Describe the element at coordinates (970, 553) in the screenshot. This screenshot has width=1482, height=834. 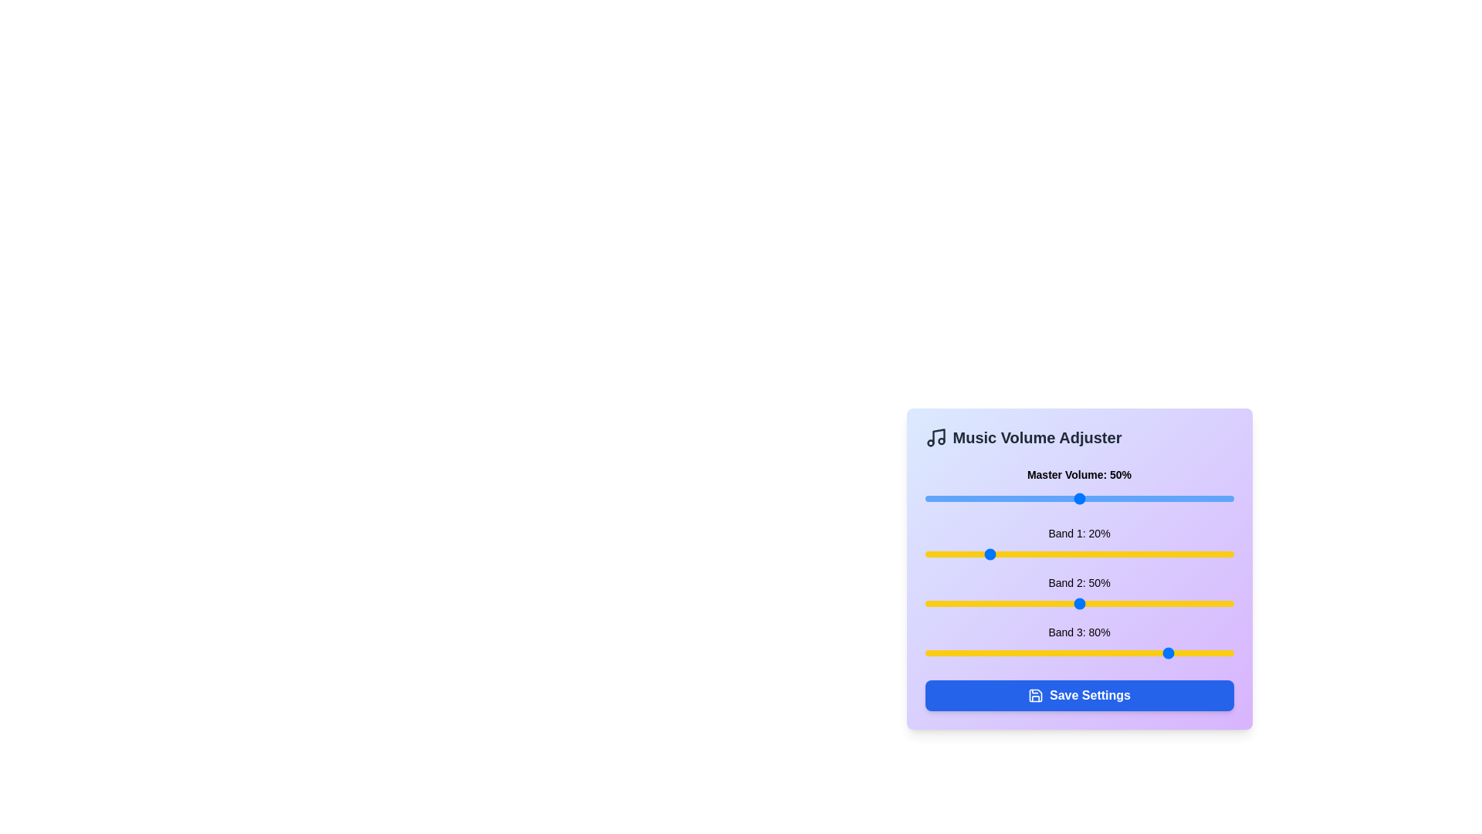
I see `Band 1` at that location.